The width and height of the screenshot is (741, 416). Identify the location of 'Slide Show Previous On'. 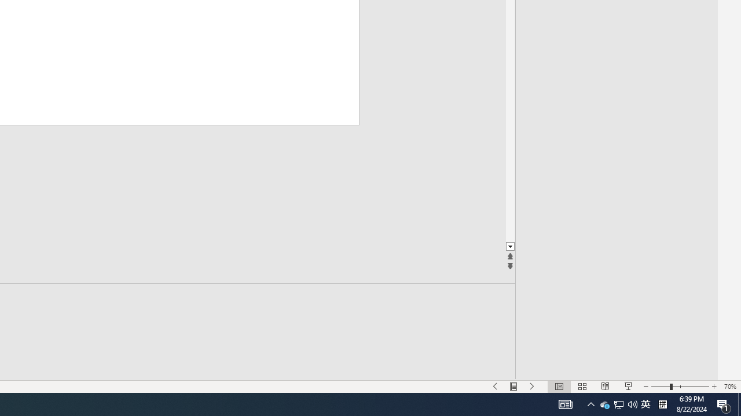
(495, 387).